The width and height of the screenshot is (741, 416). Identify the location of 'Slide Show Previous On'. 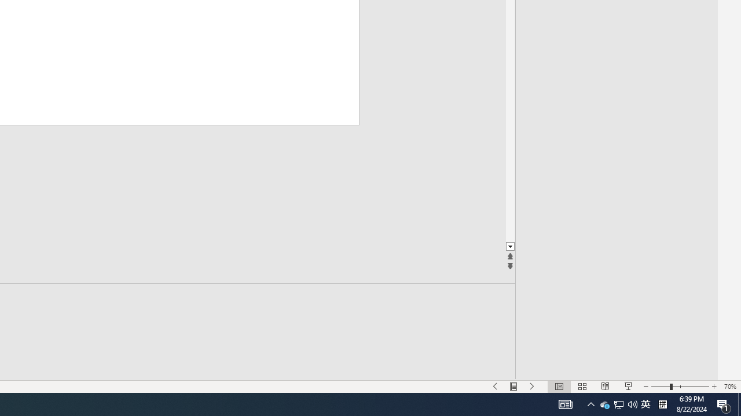
(495, 387).